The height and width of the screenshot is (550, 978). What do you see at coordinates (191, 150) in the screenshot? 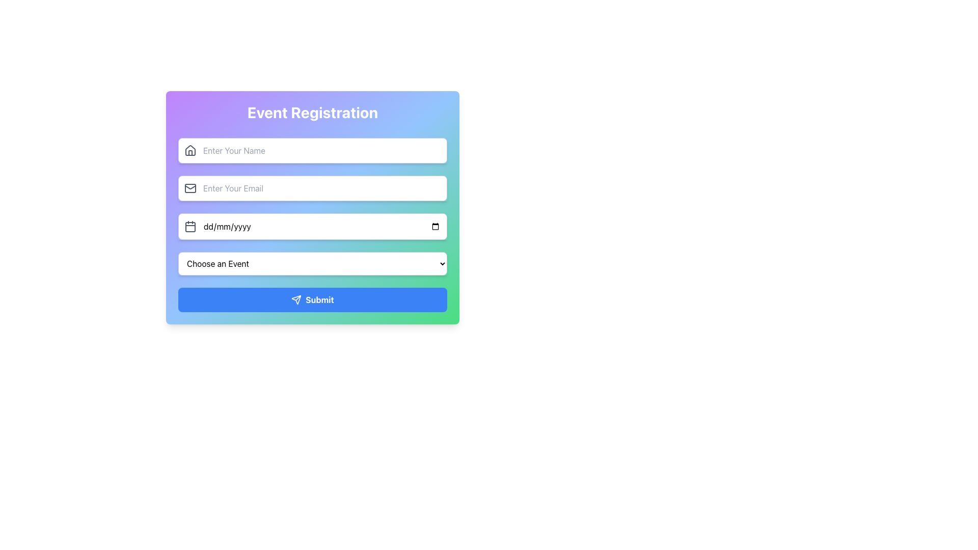
I see `the Decorative Icon, which is a gray house icon with a triangular roof and square base, located to the left of the 'Enter Your Name' placeholder in the input field` at bounding box center [191, 150].